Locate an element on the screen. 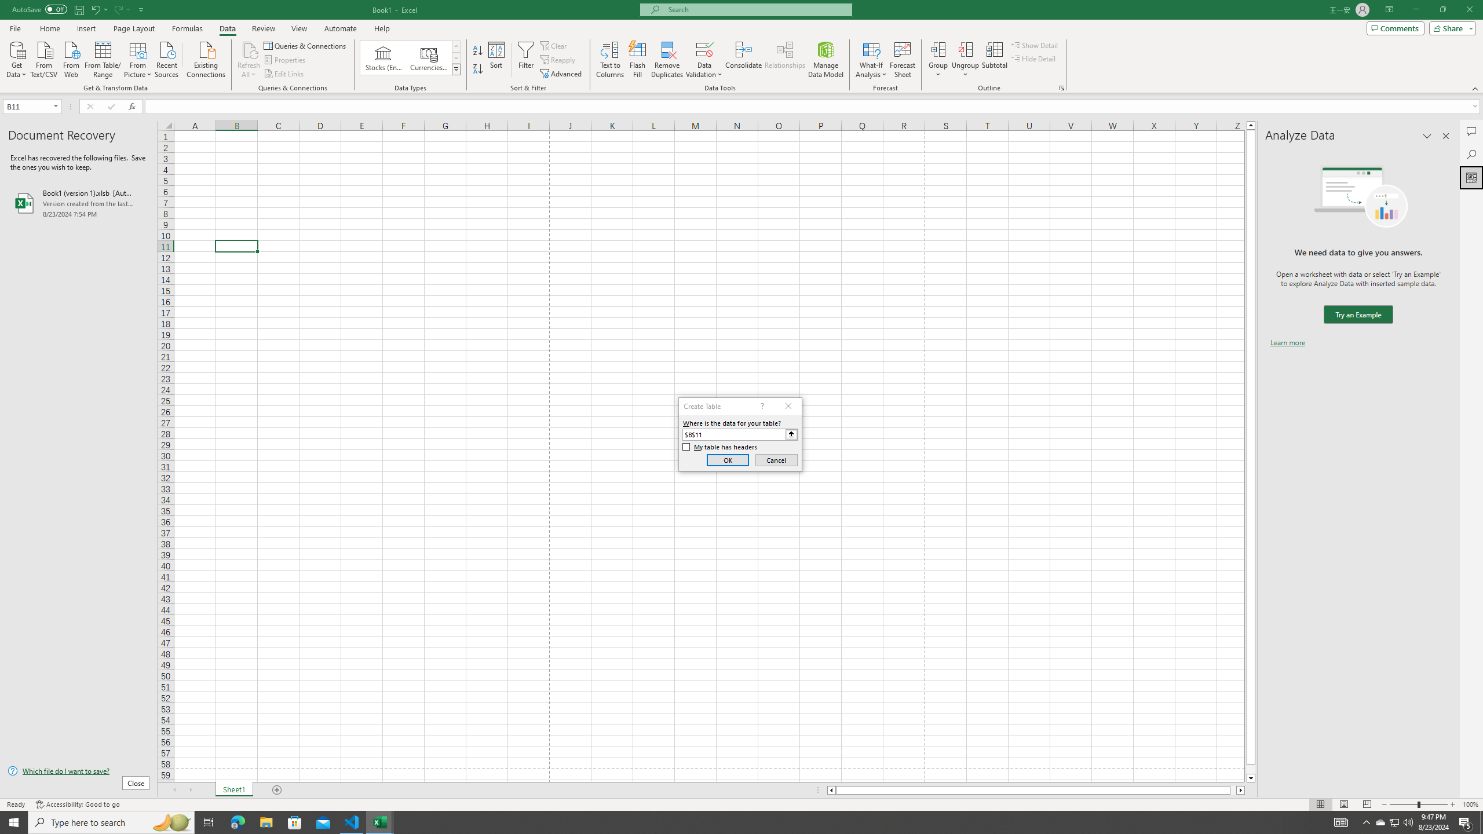 Image resolution: width=1483 pixels, height=834 pixels. 'Review' is located at coordinates (262, 28).